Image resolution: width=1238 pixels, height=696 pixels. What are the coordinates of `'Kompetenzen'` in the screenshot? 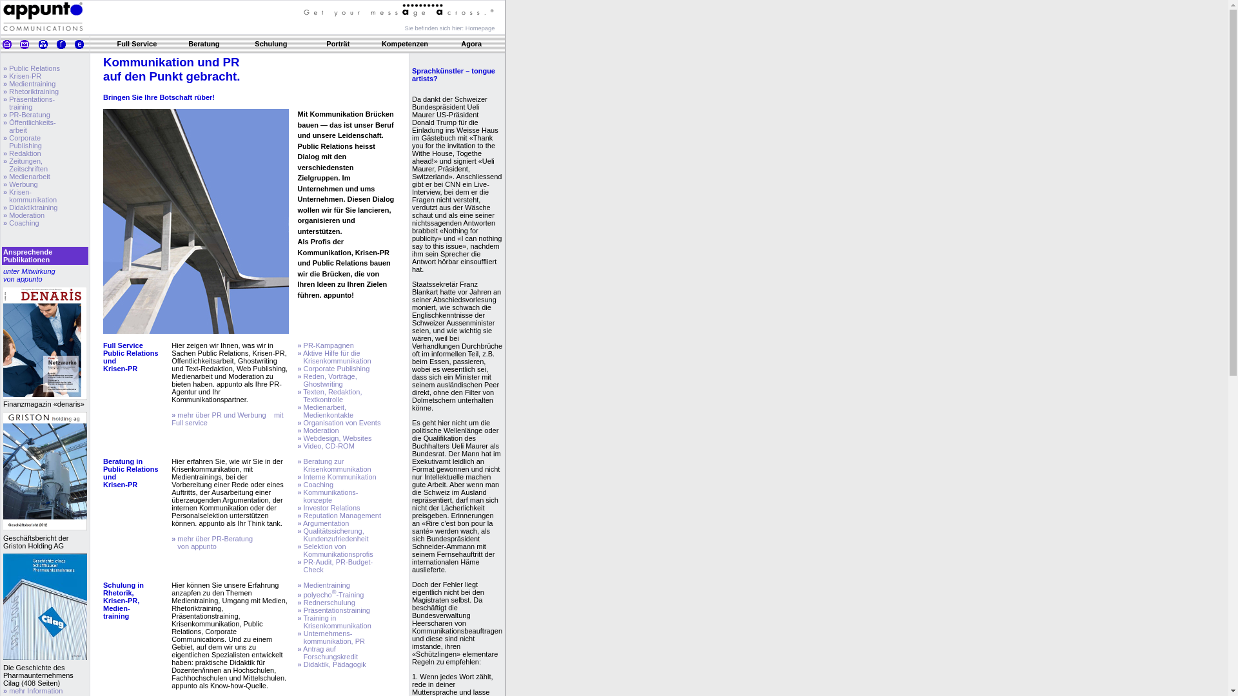 It's located at (404, 43).